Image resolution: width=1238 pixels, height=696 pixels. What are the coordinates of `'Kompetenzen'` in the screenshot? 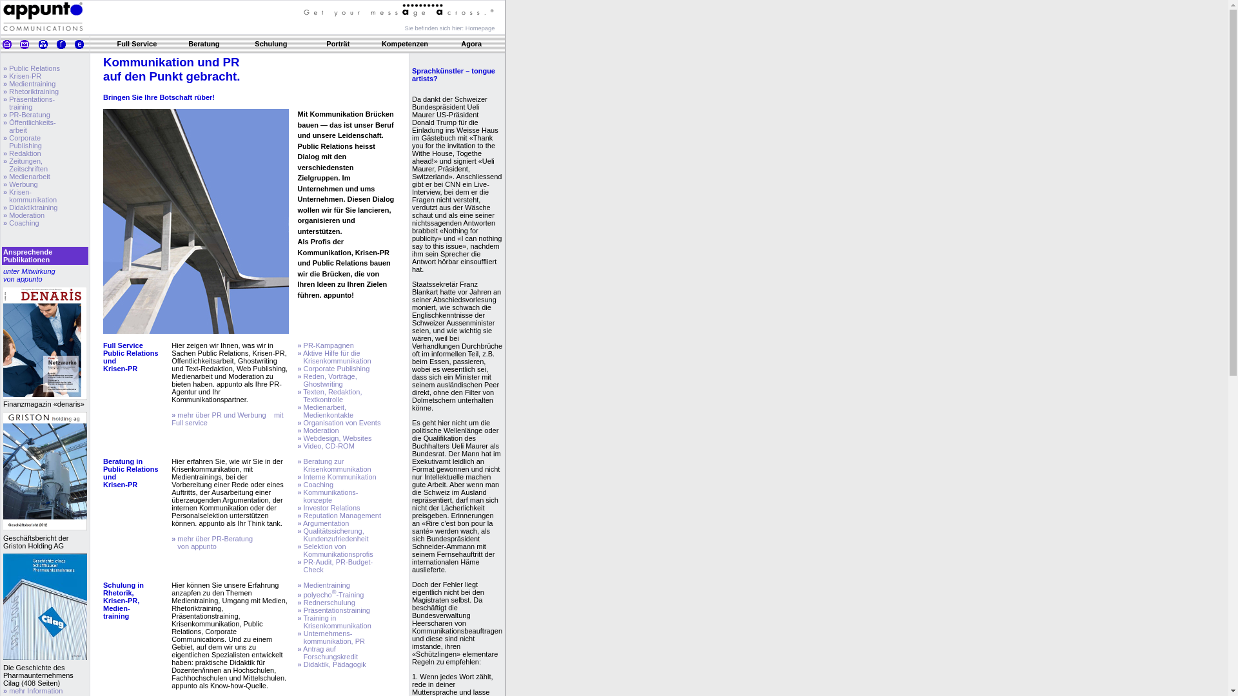 It's located at (404, 43).